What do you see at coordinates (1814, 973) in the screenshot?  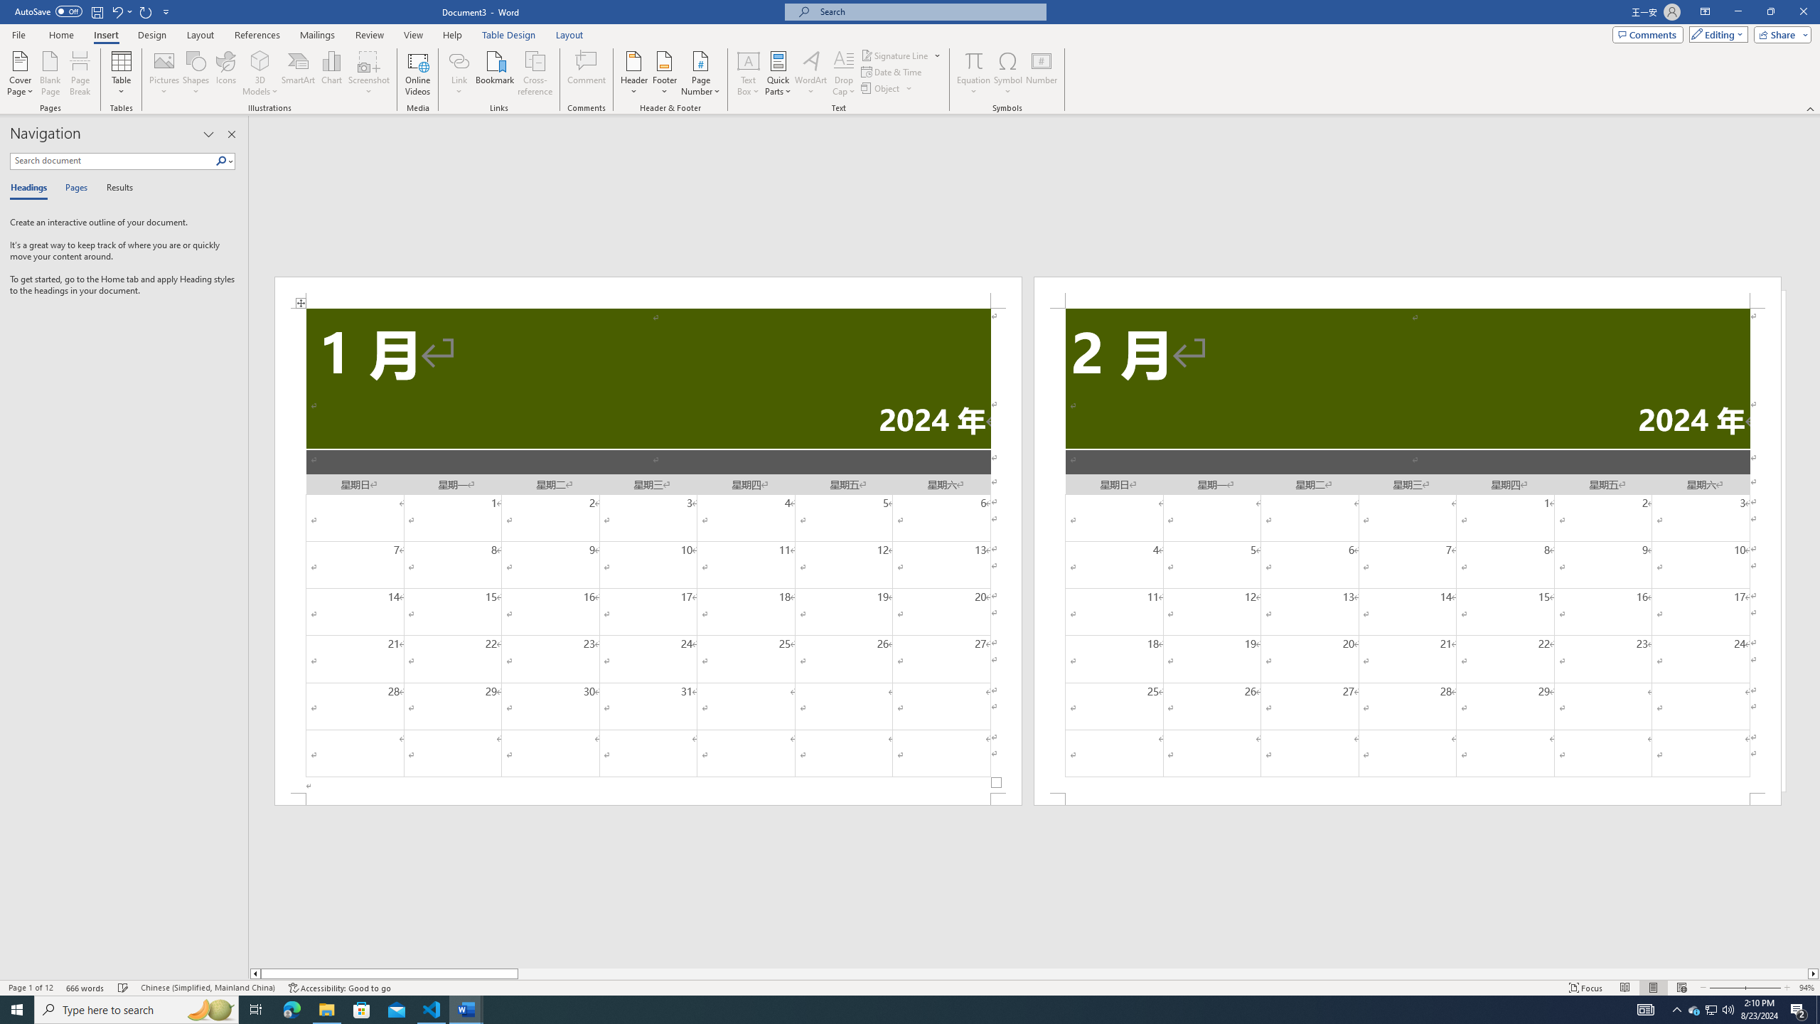 I see `'Column right'` at bounding box center [1814, 973].